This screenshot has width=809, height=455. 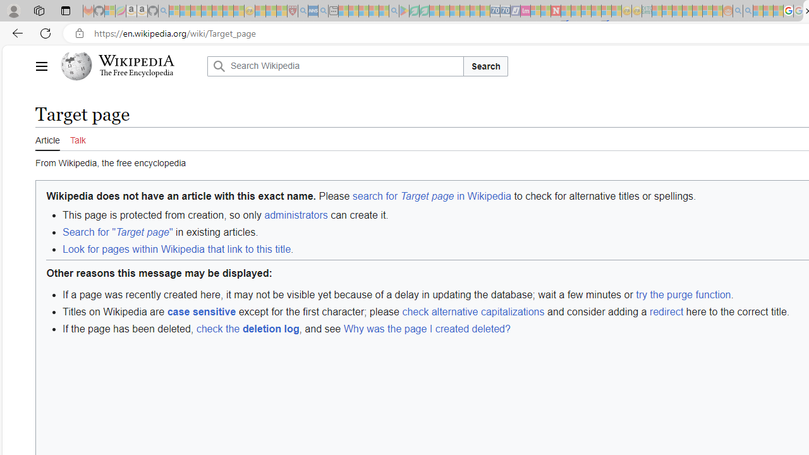 What do you see at coordinates (696, 11) in the screenshot?
I see `'Kinda Frugal - MSN - Sleeping'` at bounding box center [696, 11].